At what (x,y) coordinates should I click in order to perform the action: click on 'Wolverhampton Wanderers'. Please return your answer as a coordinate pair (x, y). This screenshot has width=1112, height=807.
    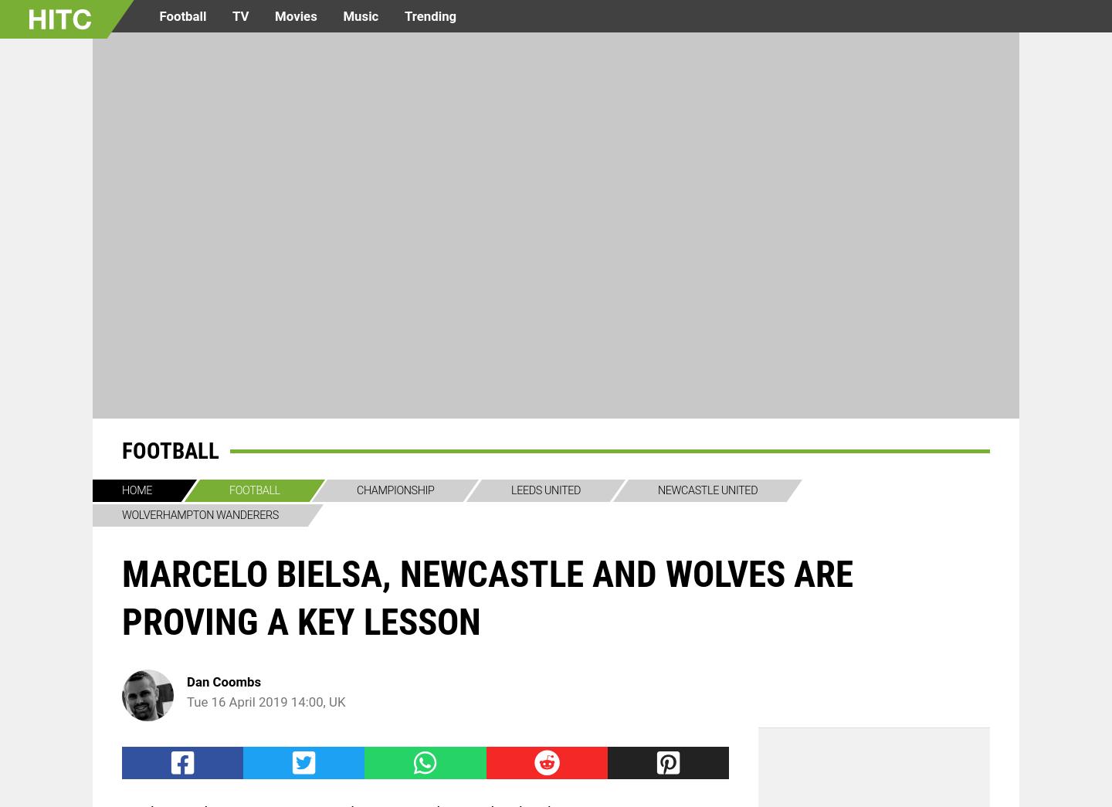
    Looking at the image, I should click on (199, 514).